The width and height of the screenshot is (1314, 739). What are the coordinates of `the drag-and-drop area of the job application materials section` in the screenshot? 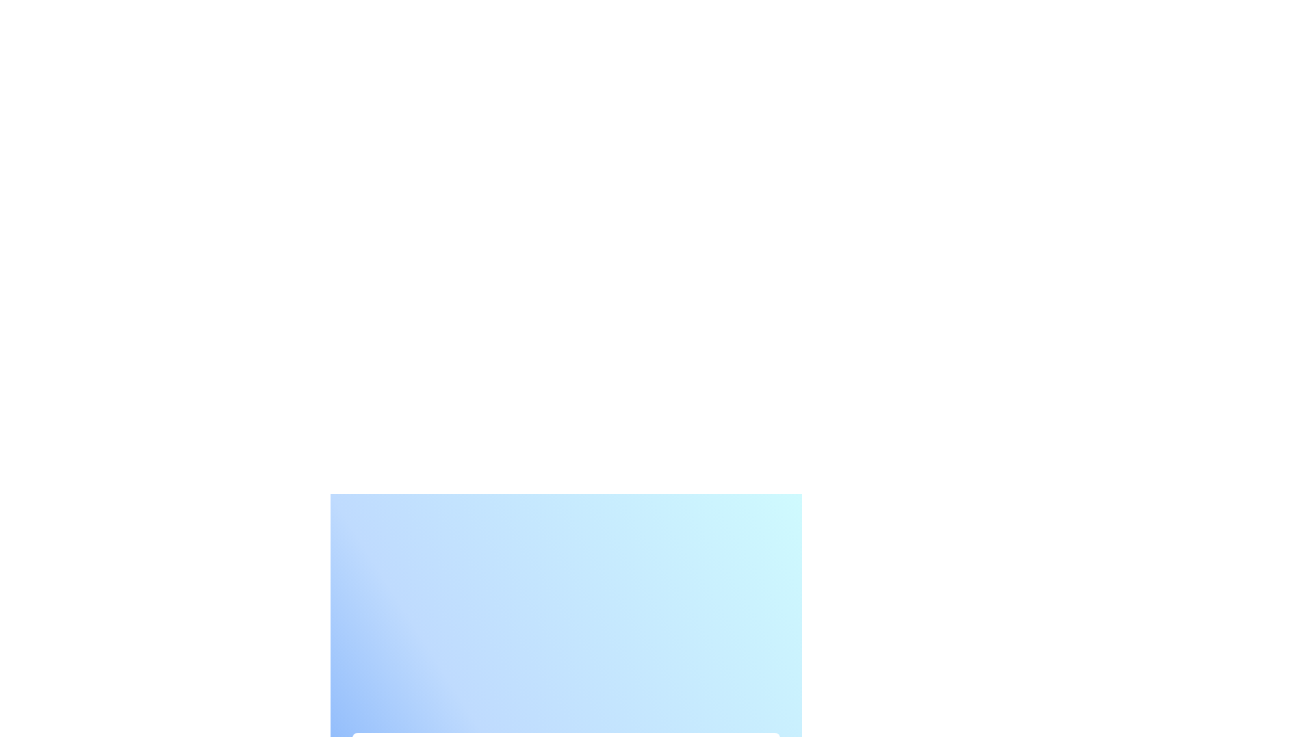 It's located at (566, 606).